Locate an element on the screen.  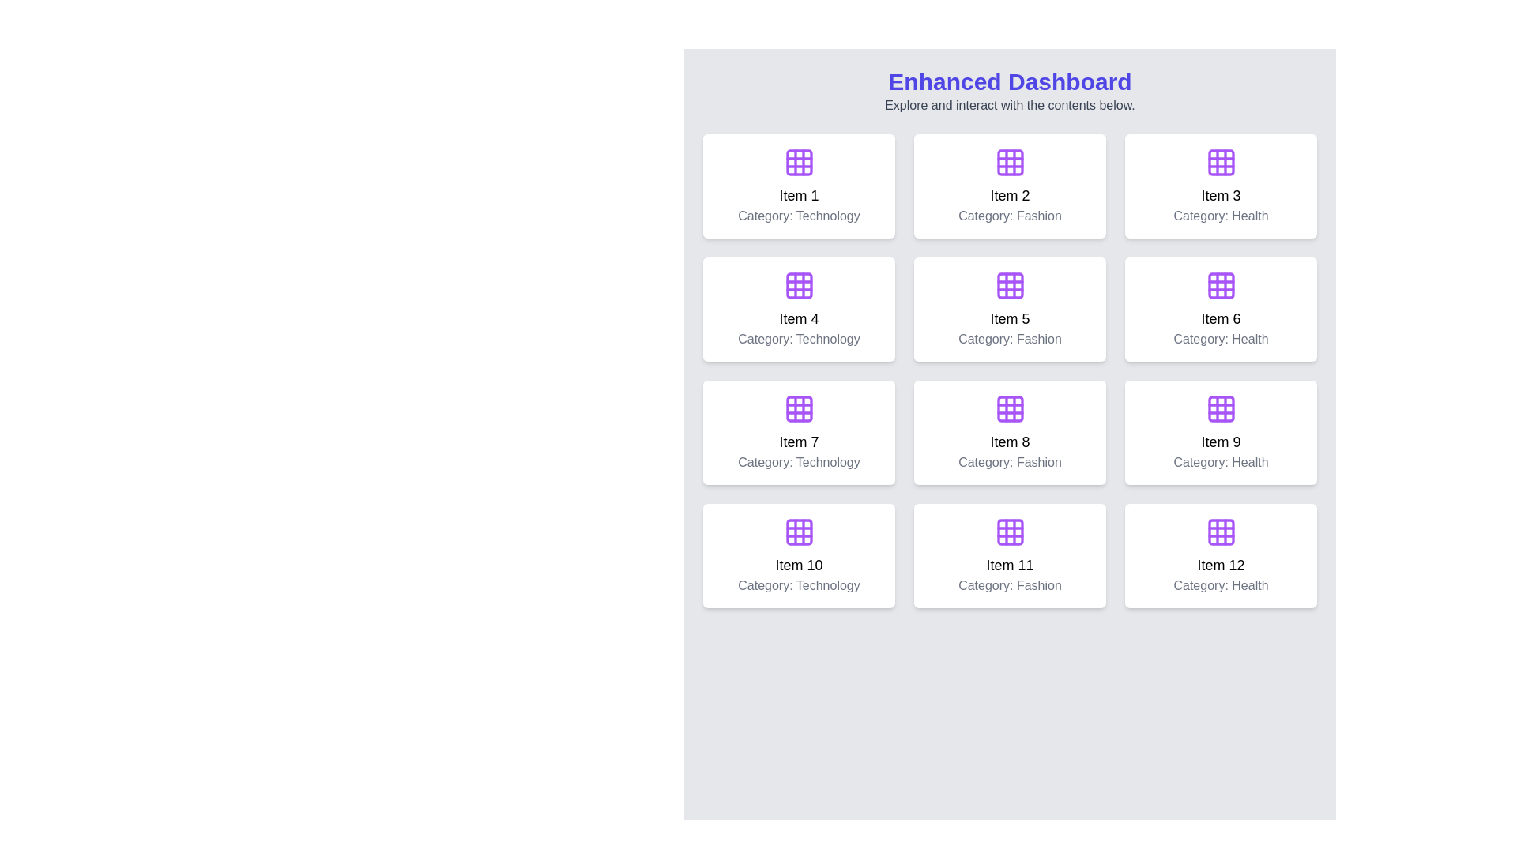
the non-interactive information card displaying 'Item 12' in the bottom-right corner of the grid layout is located at coordinates (1220, 555).